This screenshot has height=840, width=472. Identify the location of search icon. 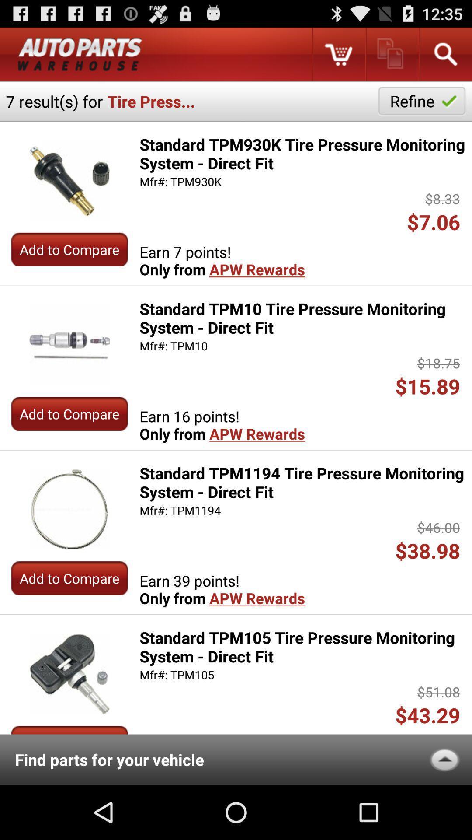
(445, 54).